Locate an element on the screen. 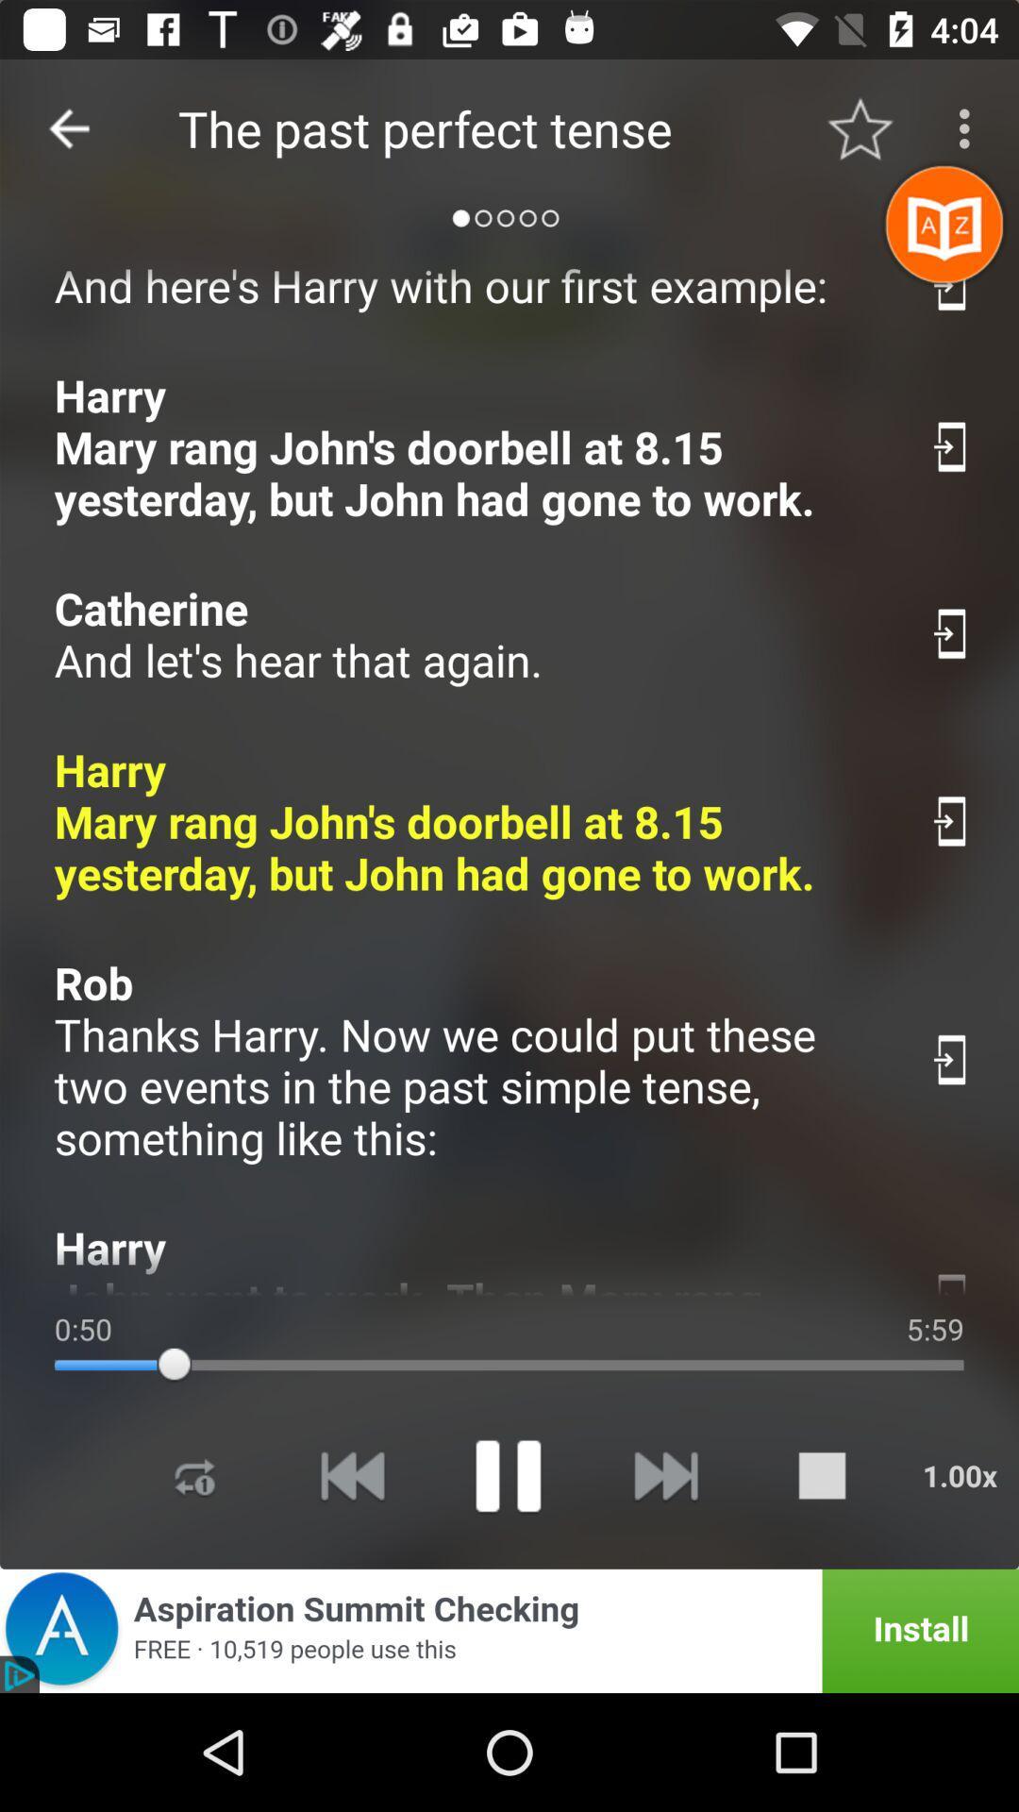 The height and width of the screenshot is (1812, 1019). share the article is located at coordinates (952, 633).